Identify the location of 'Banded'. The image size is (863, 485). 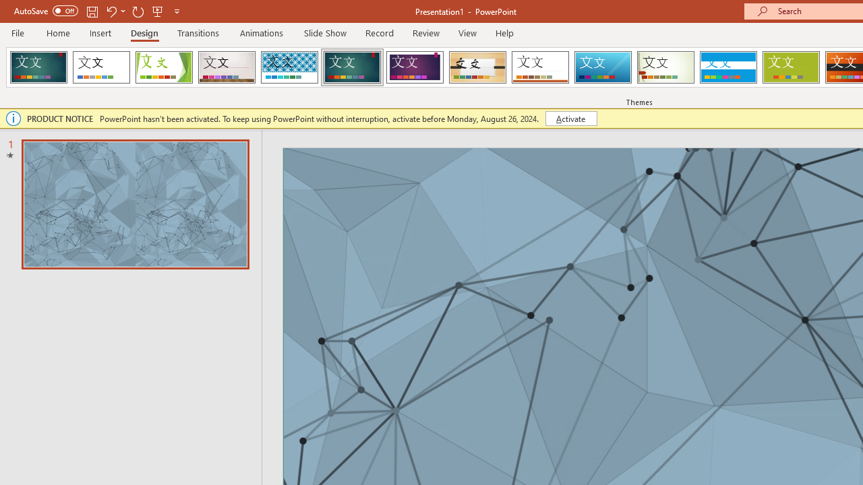
(727, 67).